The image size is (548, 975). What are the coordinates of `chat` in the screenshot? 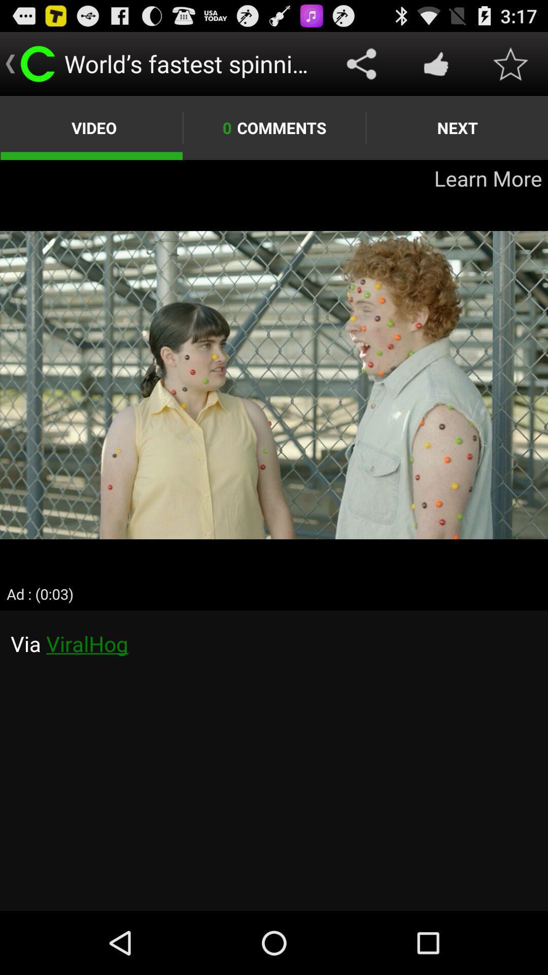 It's located at (274, 761).